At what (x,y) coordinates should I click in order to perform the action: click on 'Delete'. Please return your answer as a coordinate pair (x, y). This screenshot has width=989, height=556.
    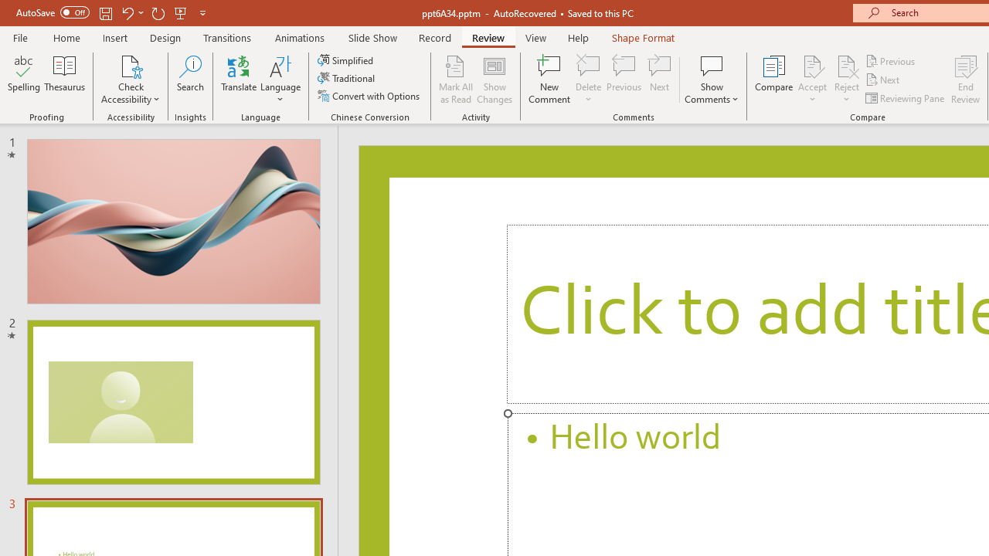
    Looking at the image, I should click on (588, 80).